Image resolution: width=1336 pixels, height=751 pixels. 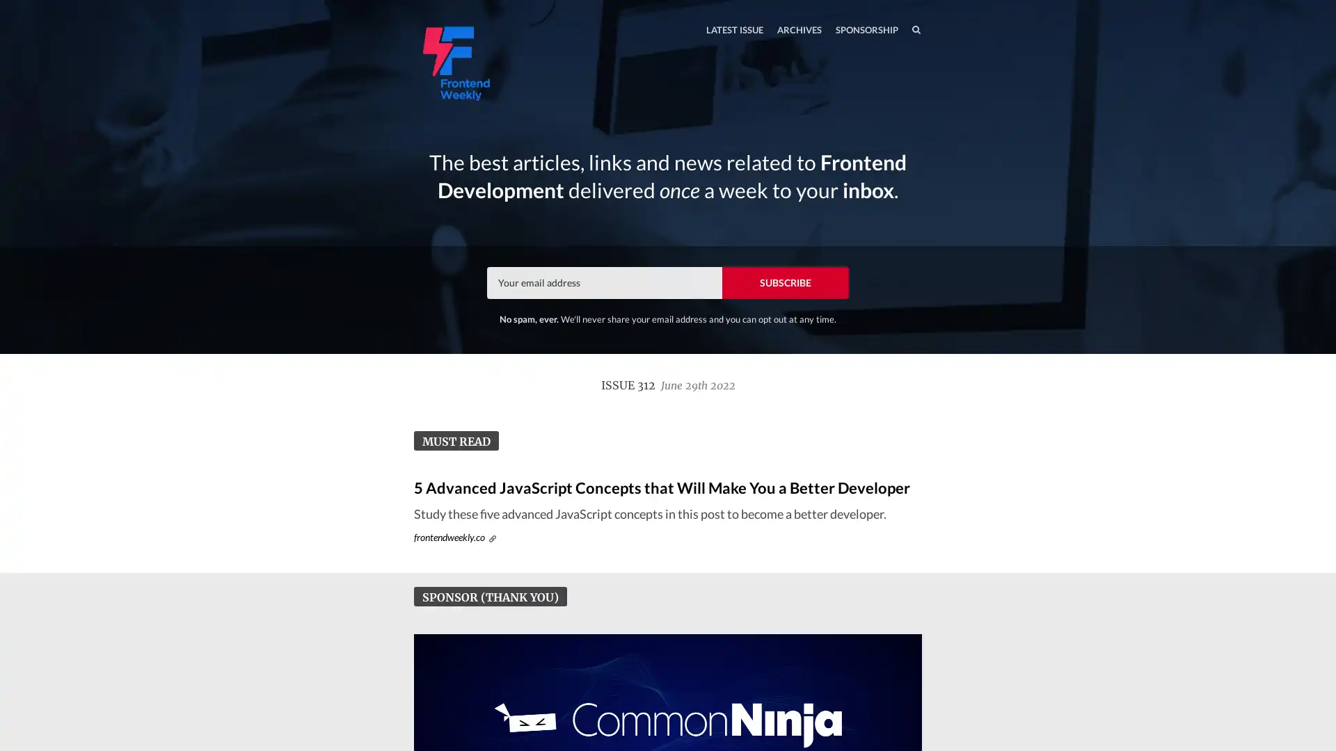 I want to click on SUBSCRIBE, so click(x=785, y=282).